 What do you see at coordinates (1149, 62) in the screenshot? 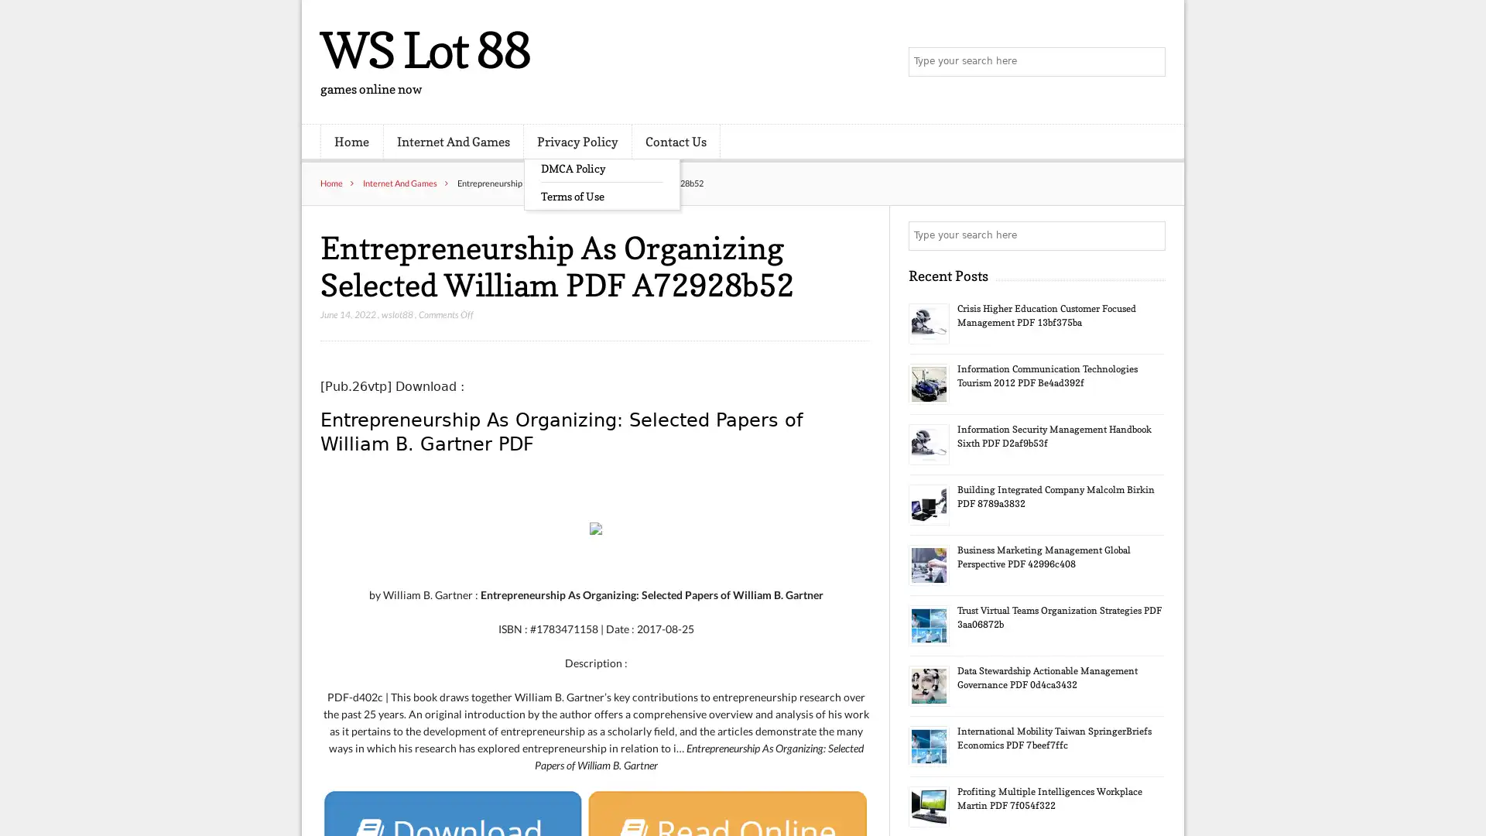
I see `Search` at bounding box center [1149, 62].